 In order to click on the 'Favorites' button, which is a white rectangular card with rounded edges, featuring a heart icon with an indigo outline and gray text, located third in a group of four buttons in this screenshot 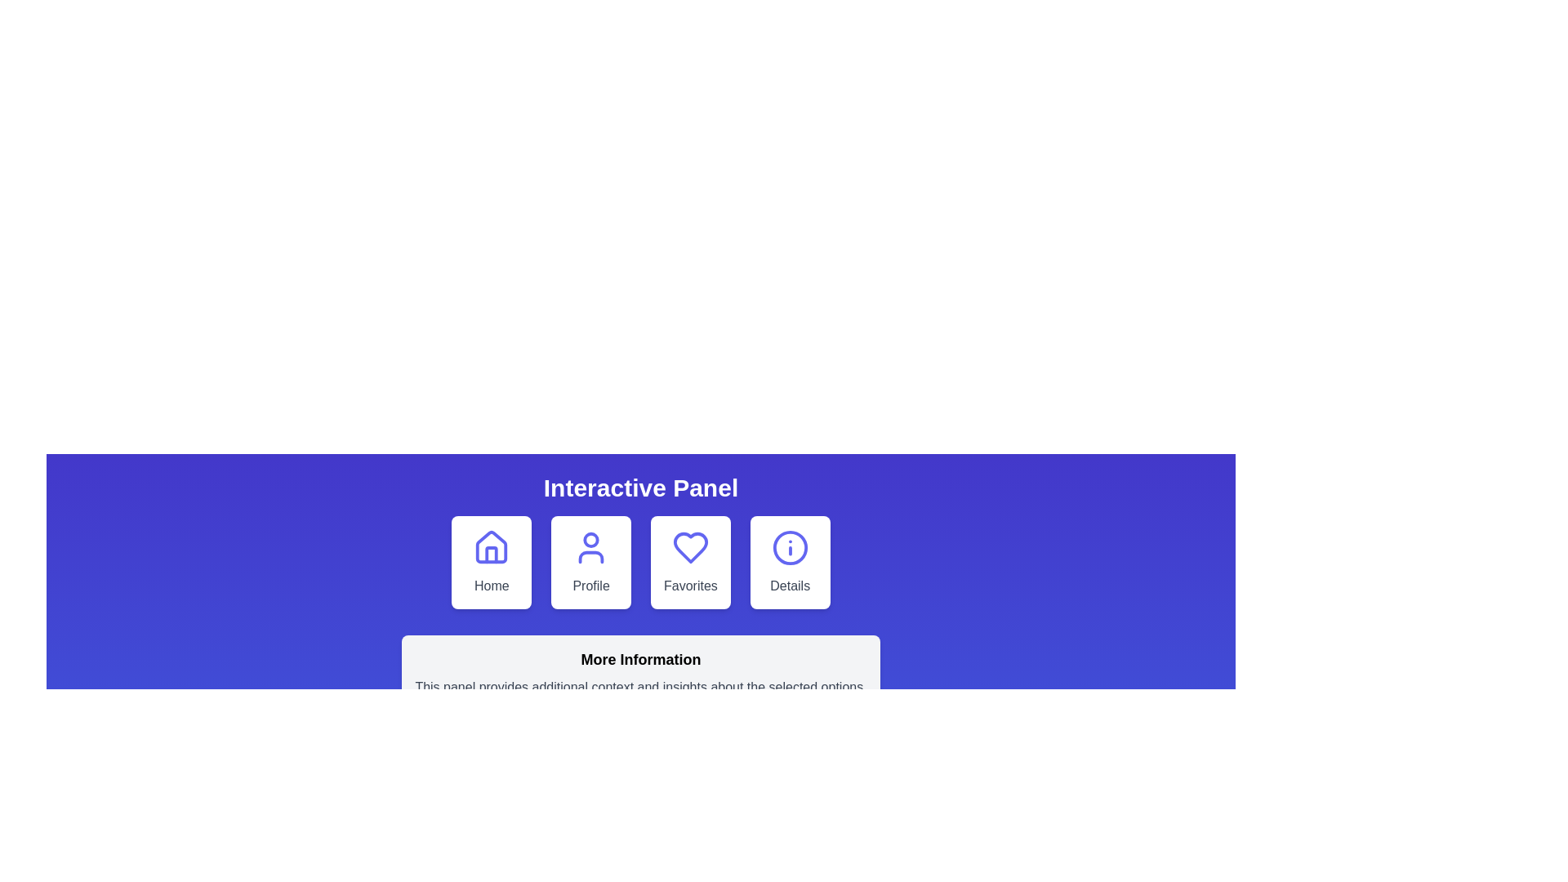, I will do `click(690, 562)`.